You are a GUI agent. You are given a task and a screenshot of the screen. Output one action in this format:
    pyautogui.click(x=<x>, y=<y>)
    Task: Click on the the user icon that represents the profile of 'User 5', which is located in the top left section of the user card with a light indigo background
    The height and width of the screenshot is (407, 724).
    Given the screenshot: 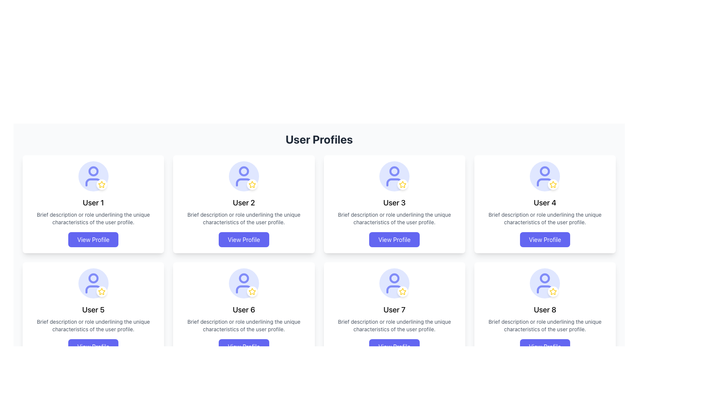 What is the action you would take?
    pyautogui.click(x=93, y=283)
    